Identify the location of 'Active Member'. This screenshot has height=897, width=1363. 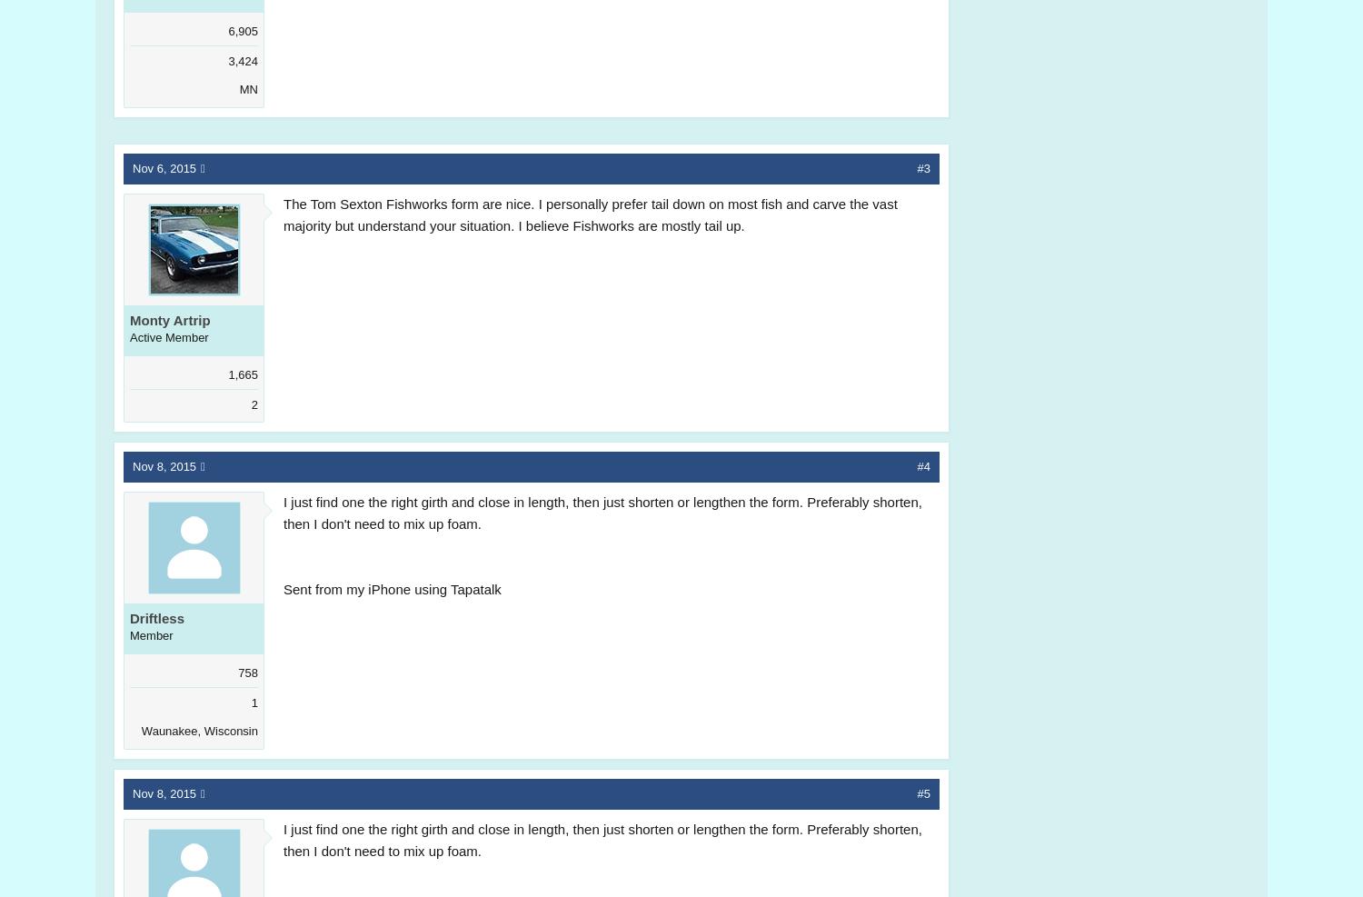
(169, 336).